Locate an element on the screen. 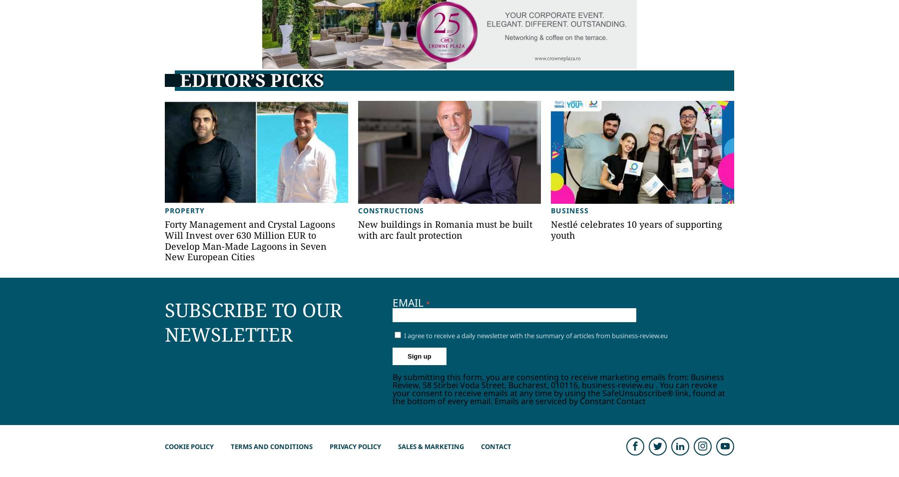  'Nestlé celebrates 10 years of supporting youth' is located at coordinates (636, 229).